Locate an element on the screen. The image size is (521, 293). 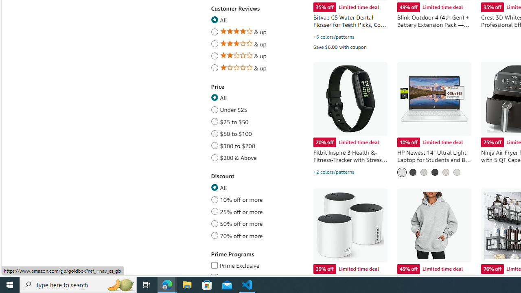
'Average review star rating of 1 and up' is located at coordinates (215, 66).